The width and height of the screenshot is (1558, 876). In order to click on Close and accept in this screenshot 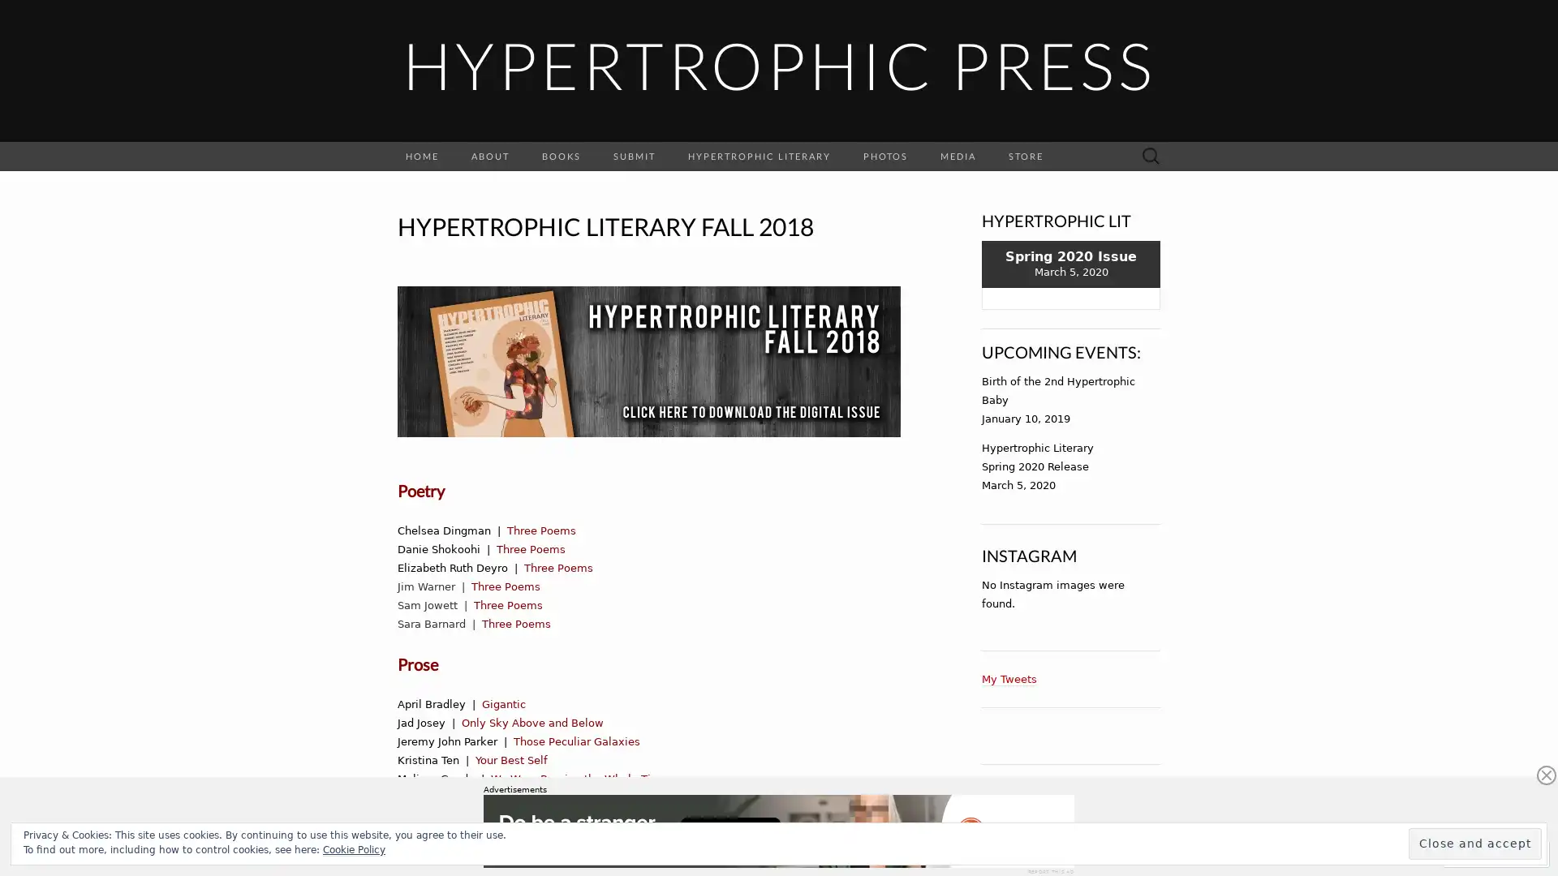, I will do `click(1475, 843)`.